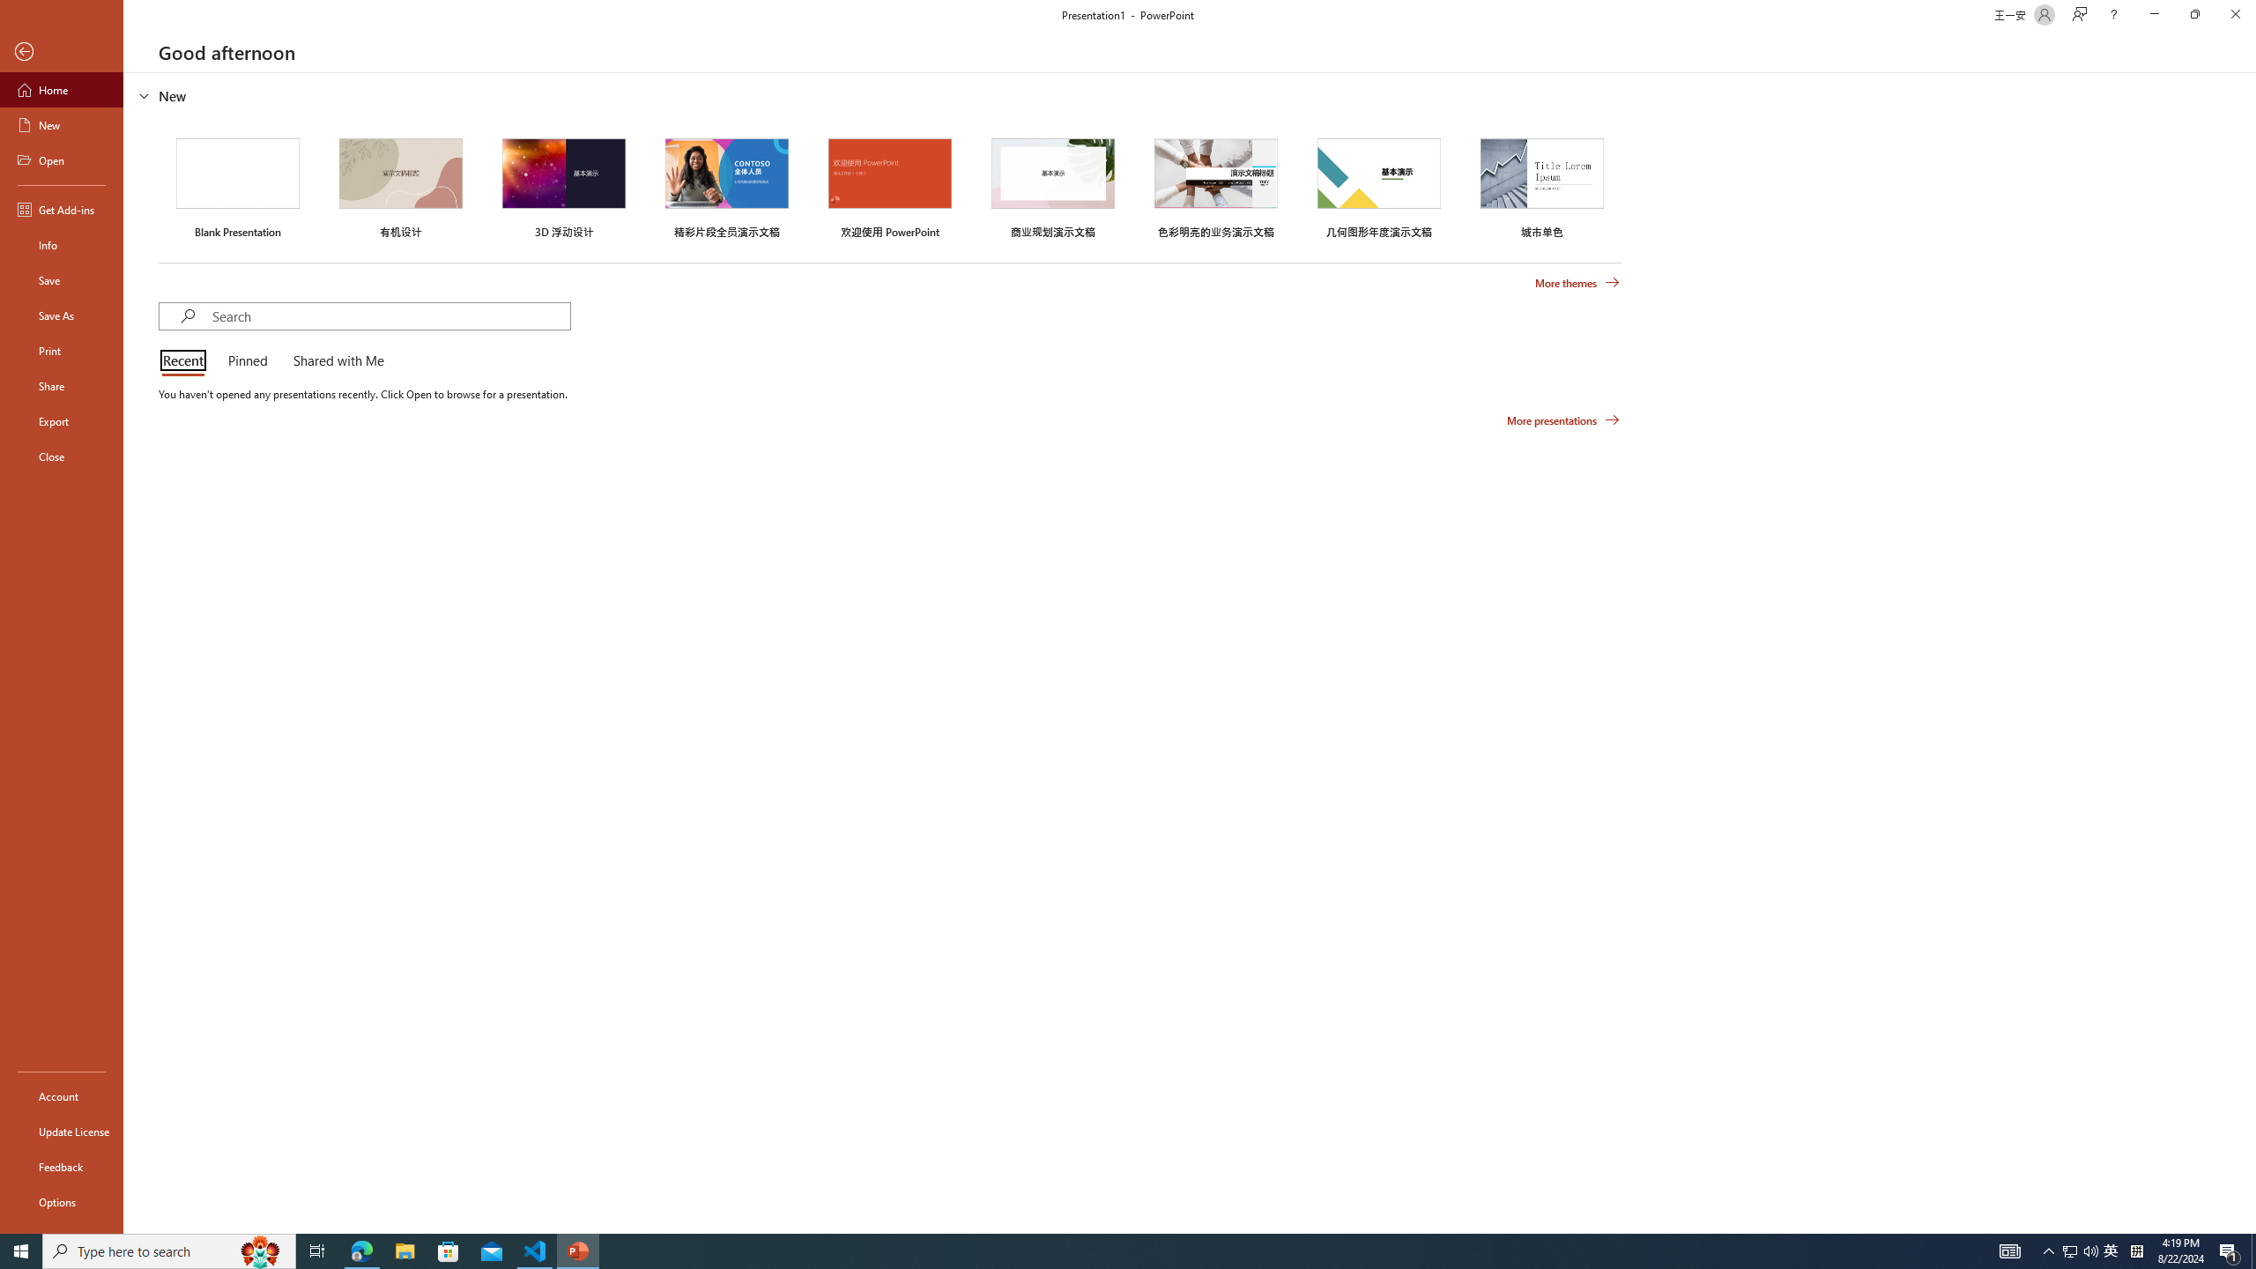 The width and height of the screenshot is (2256, 1269). I want to click on 'Share', so click(61, 384).